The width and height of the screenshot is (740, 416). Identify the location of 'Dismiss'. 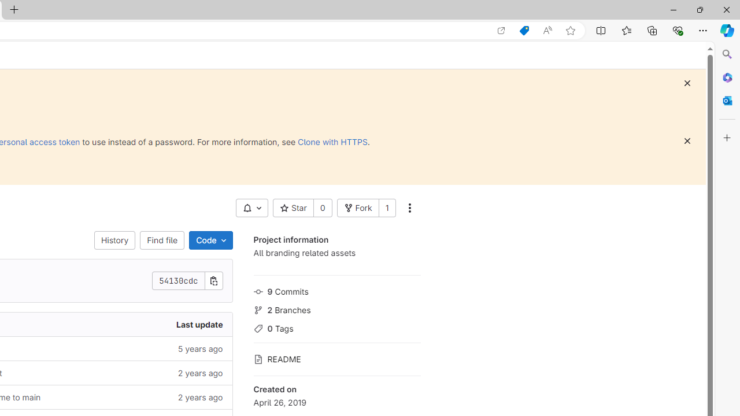
(687, 140).